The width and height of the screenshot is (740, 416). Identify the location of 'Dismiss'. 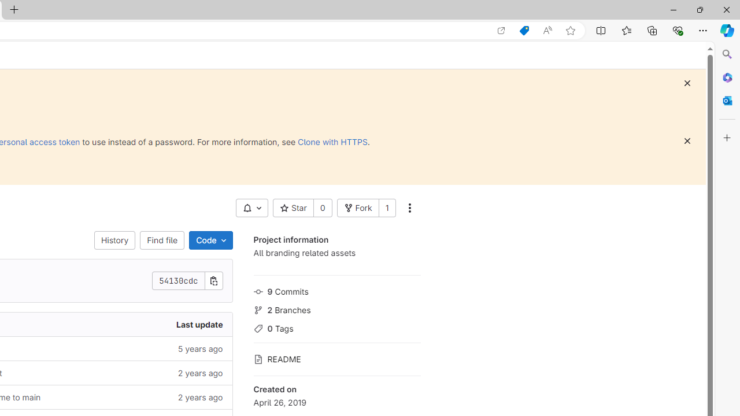
(687, 140).